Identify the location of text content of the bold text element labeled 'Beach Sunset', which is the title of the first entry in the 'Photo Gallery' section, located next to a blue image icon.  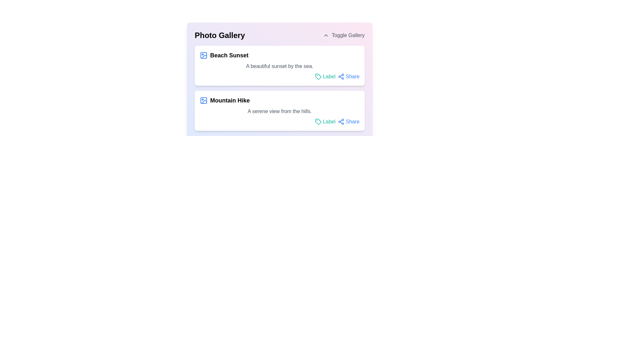
(229, 55).